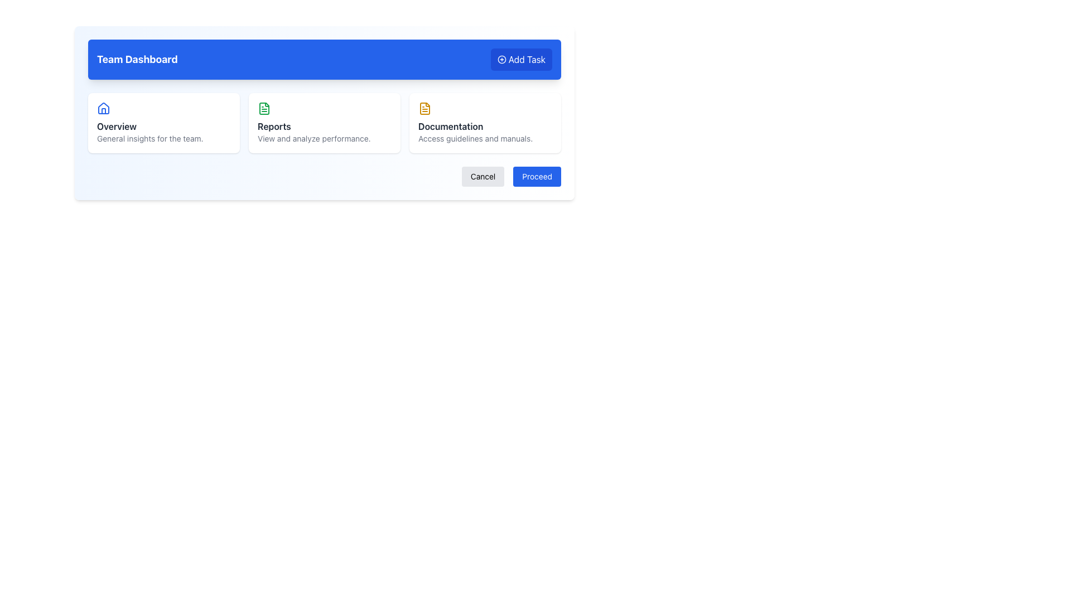 Image resolution: width=1071 pixels, height=602 pixels. Describe the element at coordinates (274, 126) in the screenshot. I see `the heading label in the second card from the left, located above the description text 'View and analyze performance.' and to the right of the green document icon` at that location.